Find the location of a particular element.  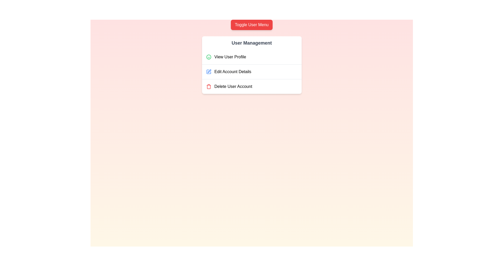

the 'Toggle User Menu' button to toggle the visibility of the user menu is located at coordinates (252, 25).